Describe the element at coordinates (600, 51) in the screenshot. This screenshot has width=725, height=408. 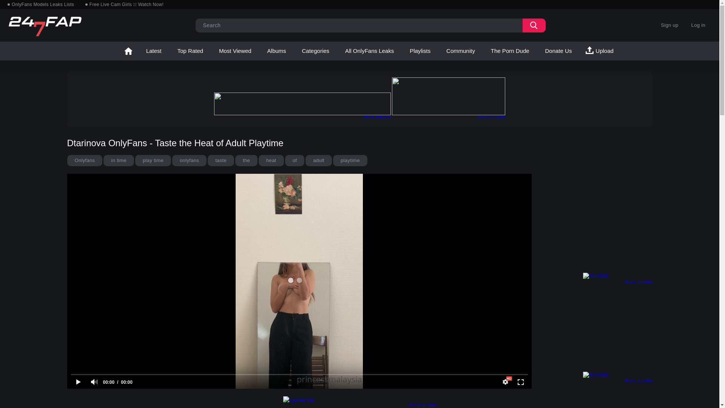
I see `'Upload'` at that location.